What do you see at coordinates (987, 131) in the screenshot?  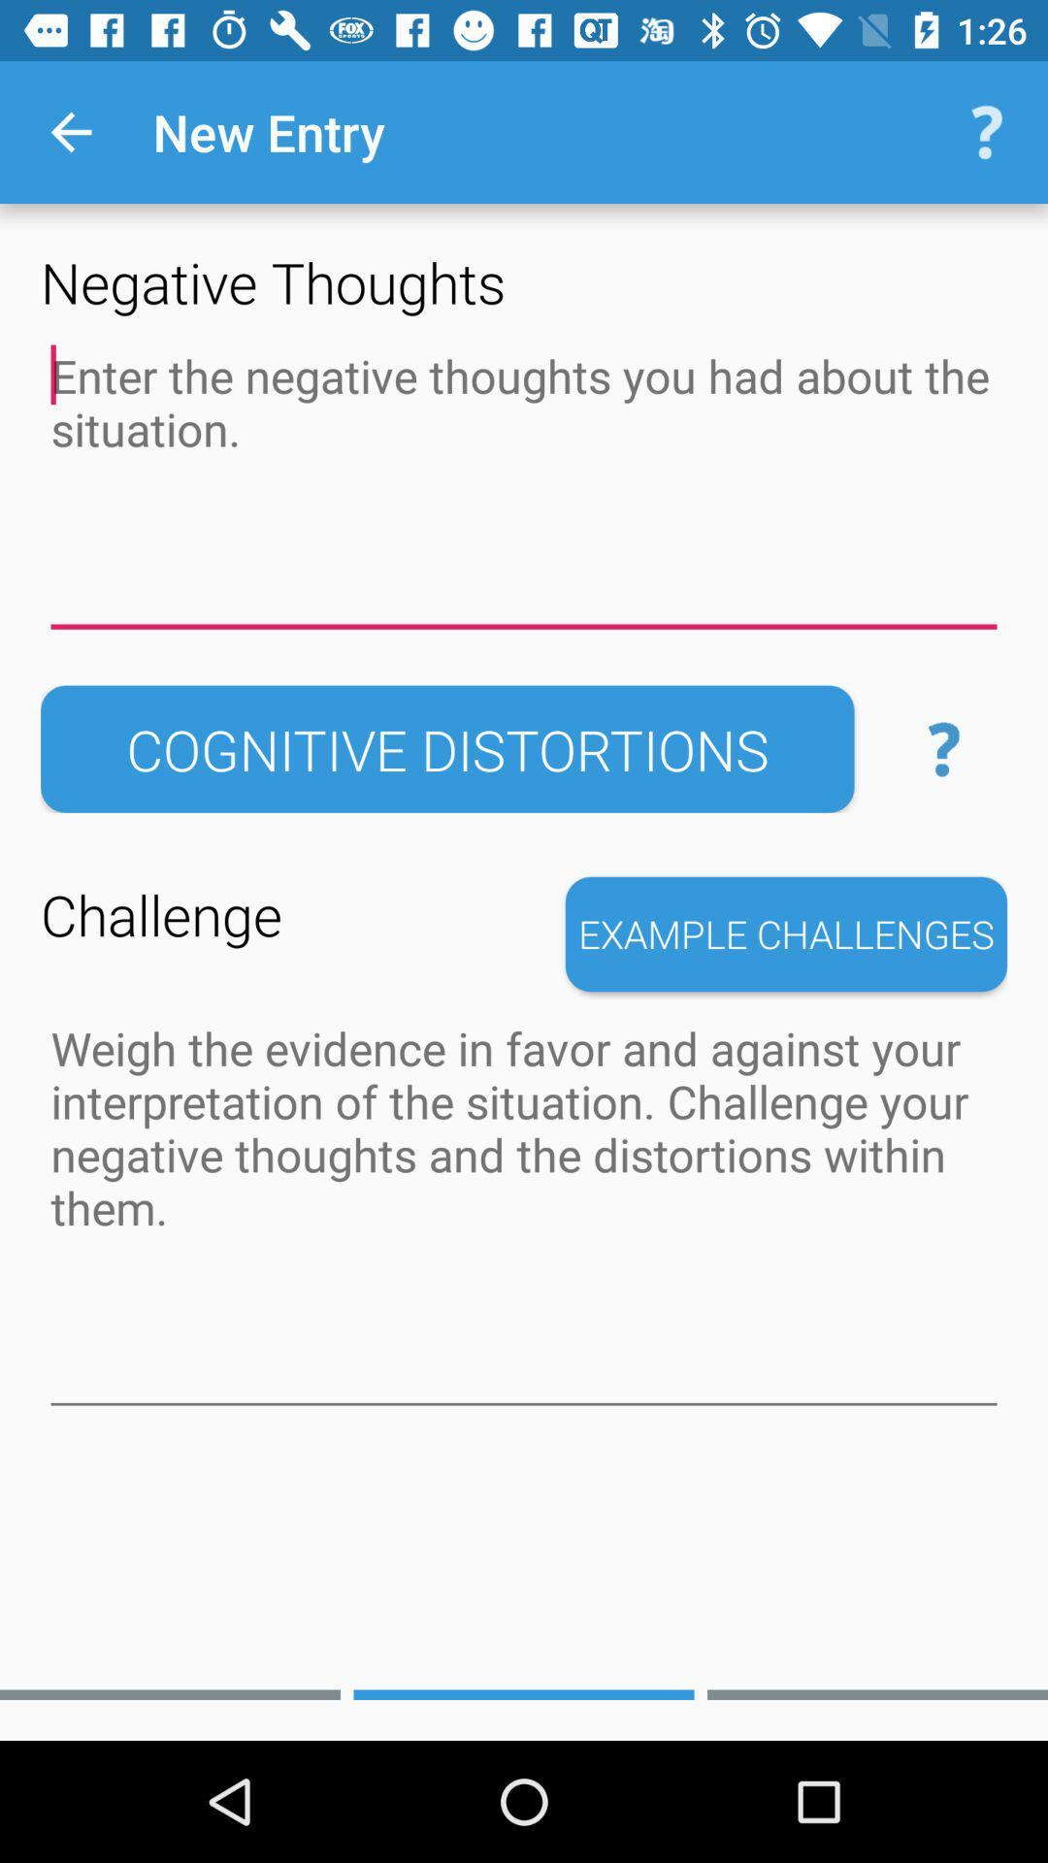 I see `app to the right of new entry item` at bounding box center [987, 131].